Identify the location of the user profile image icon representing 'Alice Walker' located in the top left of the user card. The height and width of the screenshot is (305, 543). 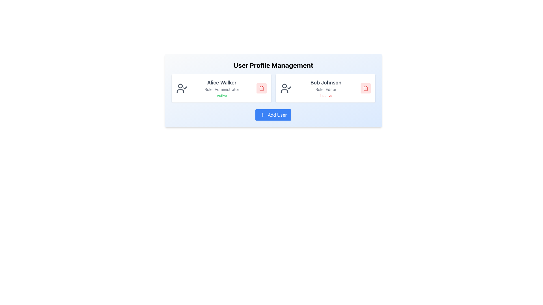
(182, 88).